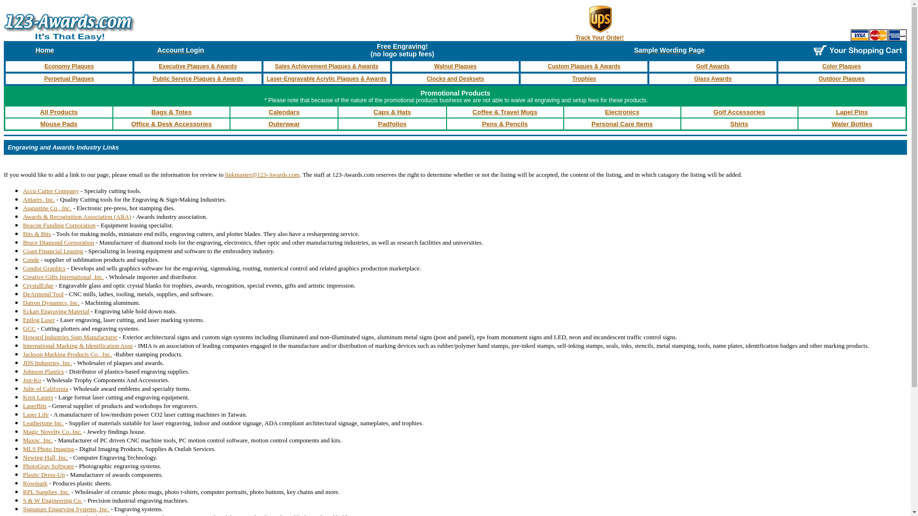 The image size is (918, 516). I want to click on 'Personal Care Items', so click(622, 123).